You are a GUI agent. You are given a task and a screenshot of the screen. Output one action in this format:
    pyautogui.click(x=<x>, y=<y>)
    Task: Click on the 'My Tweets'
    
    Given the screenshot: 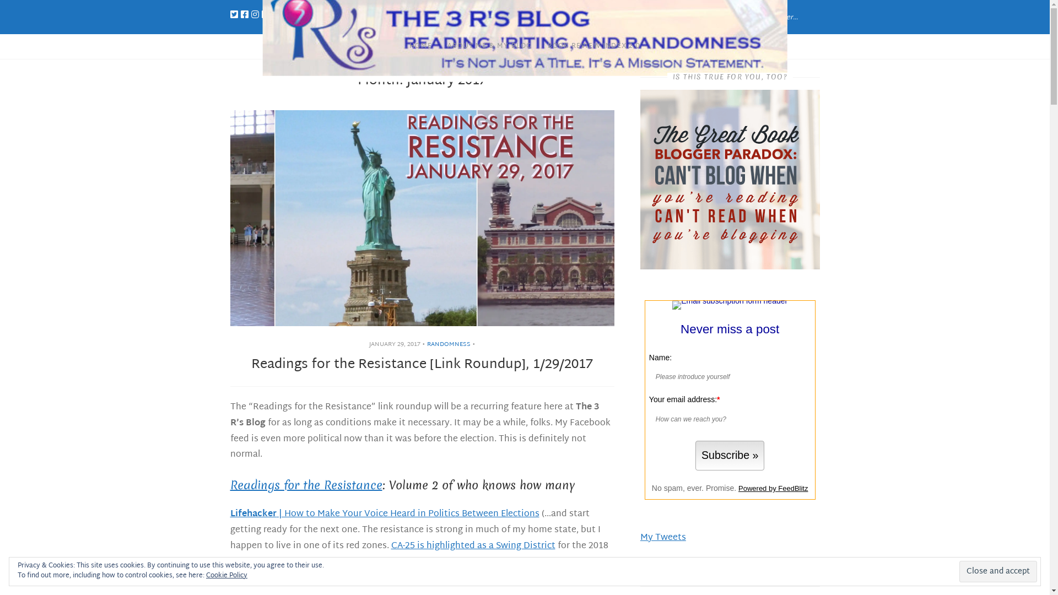 What is the action you would take?
    pyautogui.click(x=640, y=537)
    